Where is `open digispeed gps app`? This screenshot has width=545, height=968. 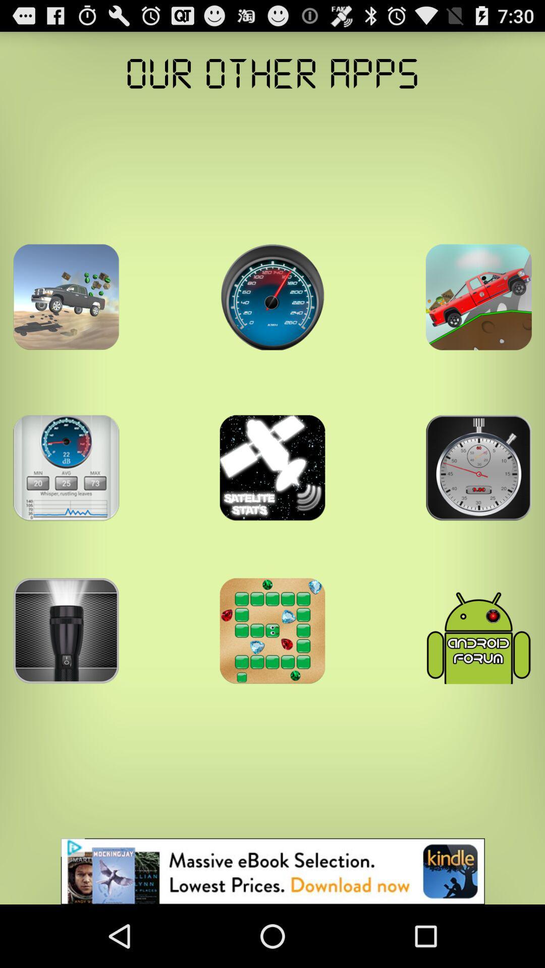 open digispeed gps app is located at coordinates (272, 296).